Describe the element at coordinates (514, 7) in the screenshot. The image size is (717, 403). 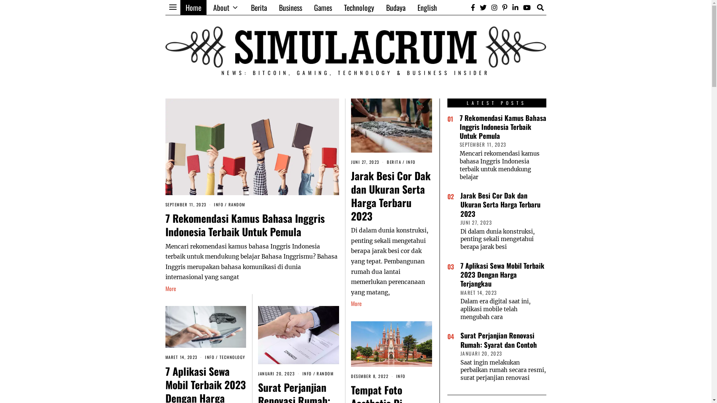
I see `'LinkedIn'` at that location.